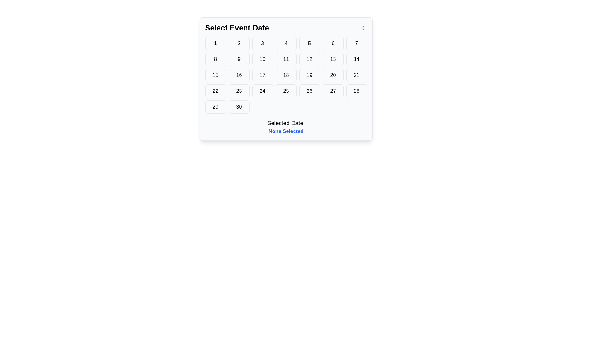 This screenshot has height=343, width=610. I want to click on the button, so click(333, 91).